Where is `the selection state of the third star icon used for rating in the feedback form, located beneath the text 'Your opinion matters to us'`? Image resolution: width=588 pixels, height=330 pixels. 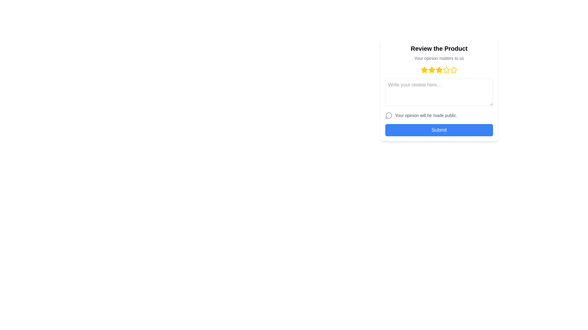
the selection state of the third star icon used for rating in the feedback form, located beneath the text 'Your opinion matters to us' is located at coordinates (439, 69).